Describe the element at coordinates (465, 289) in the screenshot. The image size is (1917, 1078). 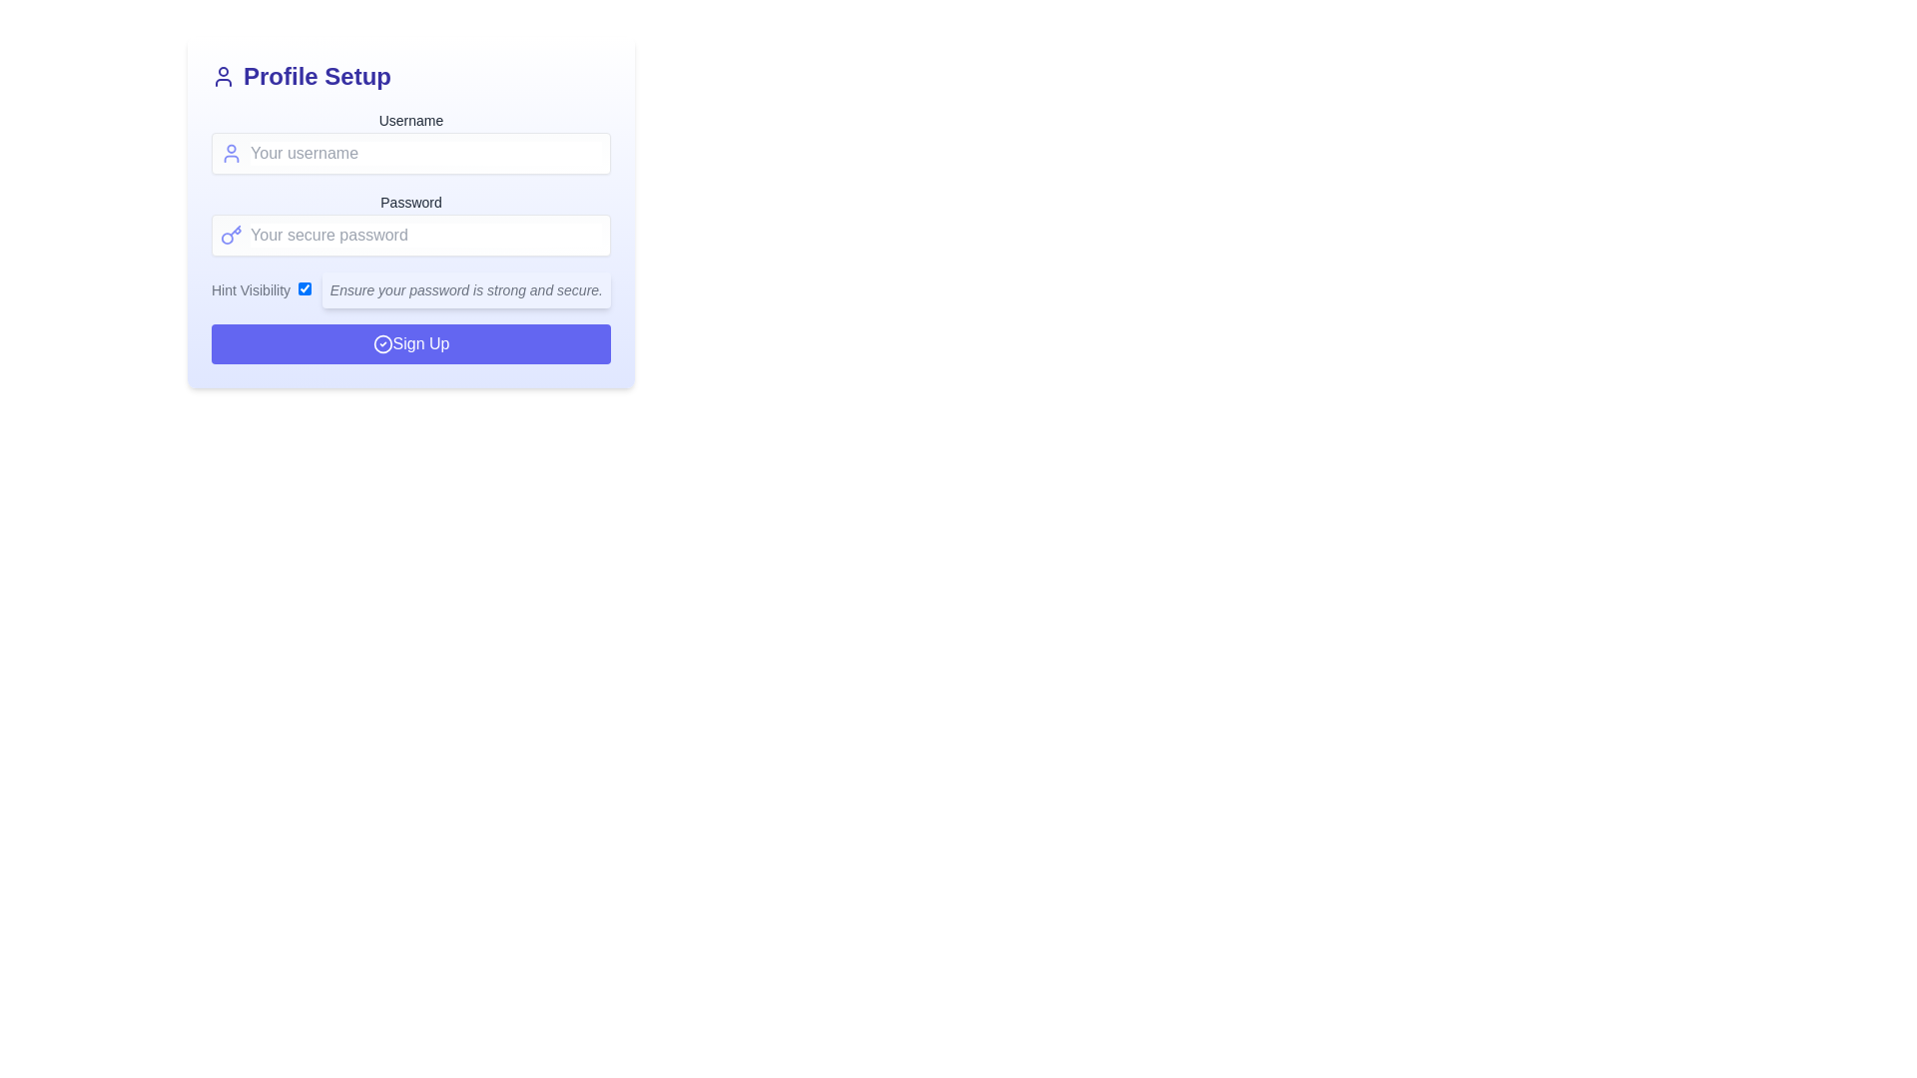
I see `the informative hint text element located under the 'Password' field in the form, adjacent to the 'Hint Visibility' checkbox` at that location.